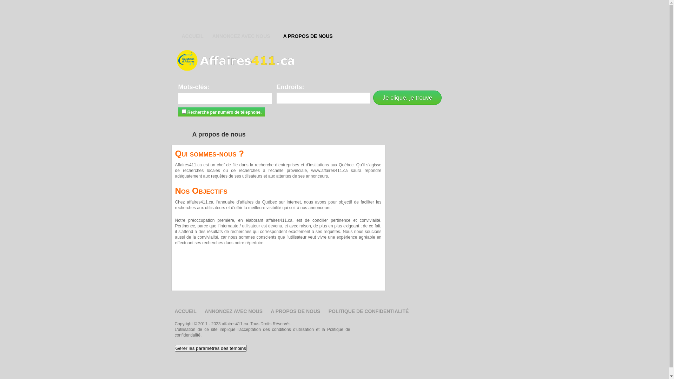 The image size is (674, 379). I want to click on 'ACCUEIL', so click(192, 36).